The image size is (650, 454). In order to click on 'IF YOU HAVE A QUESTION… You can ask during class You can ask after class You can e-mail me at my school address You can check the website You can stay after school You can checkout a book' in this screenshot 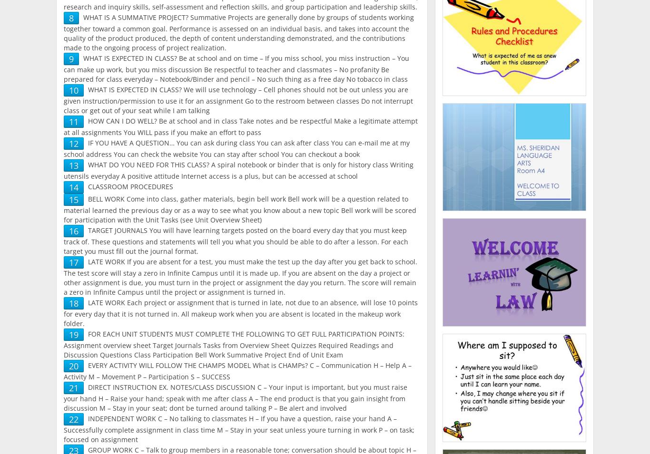, I will do `click(236, 148)`.